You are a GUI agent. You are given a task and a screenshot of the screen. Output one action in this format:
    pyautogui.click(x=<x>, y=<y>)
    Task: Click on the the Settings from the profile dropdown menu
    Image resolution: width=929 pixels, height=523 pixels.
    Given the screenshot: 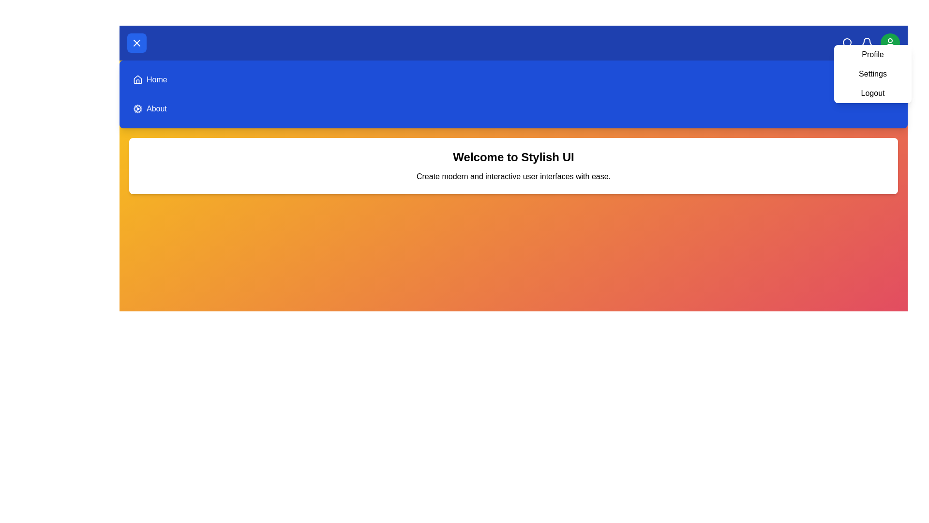 What is the action you would take?
    pyautogui.click(x=873, y=74)
    